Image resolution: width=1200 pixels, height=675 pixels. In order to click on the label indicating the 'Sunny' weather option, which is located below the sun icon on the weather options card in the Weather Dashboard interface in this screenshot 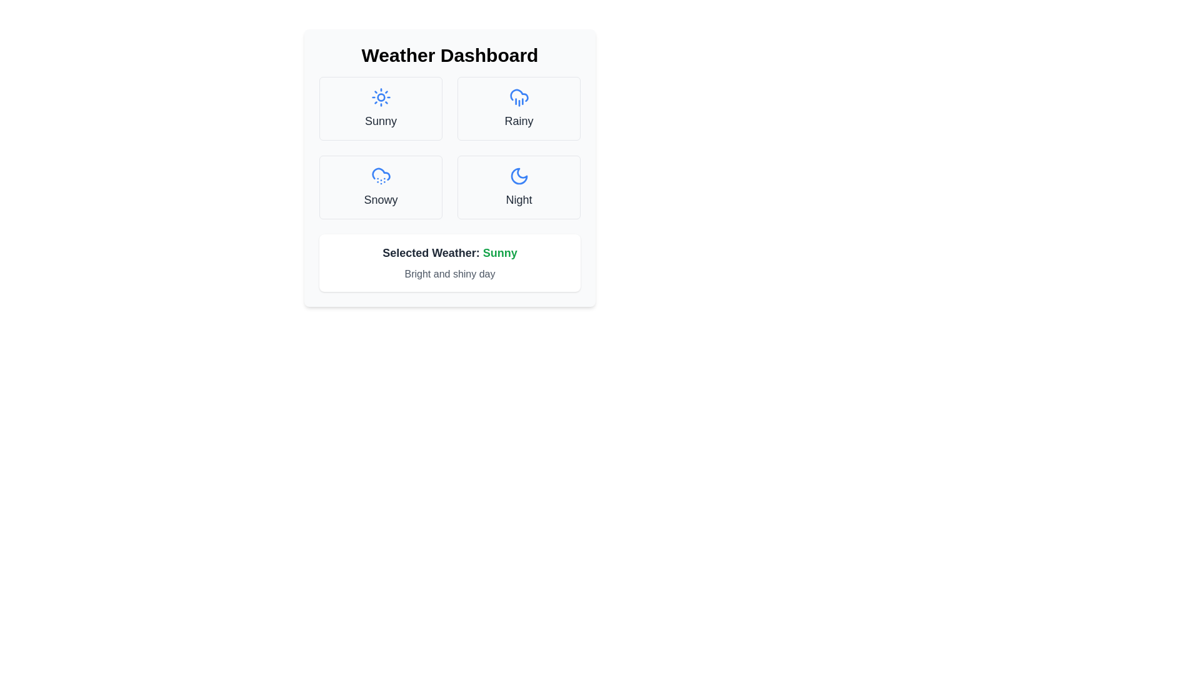, I will do `click(380, 121)`.